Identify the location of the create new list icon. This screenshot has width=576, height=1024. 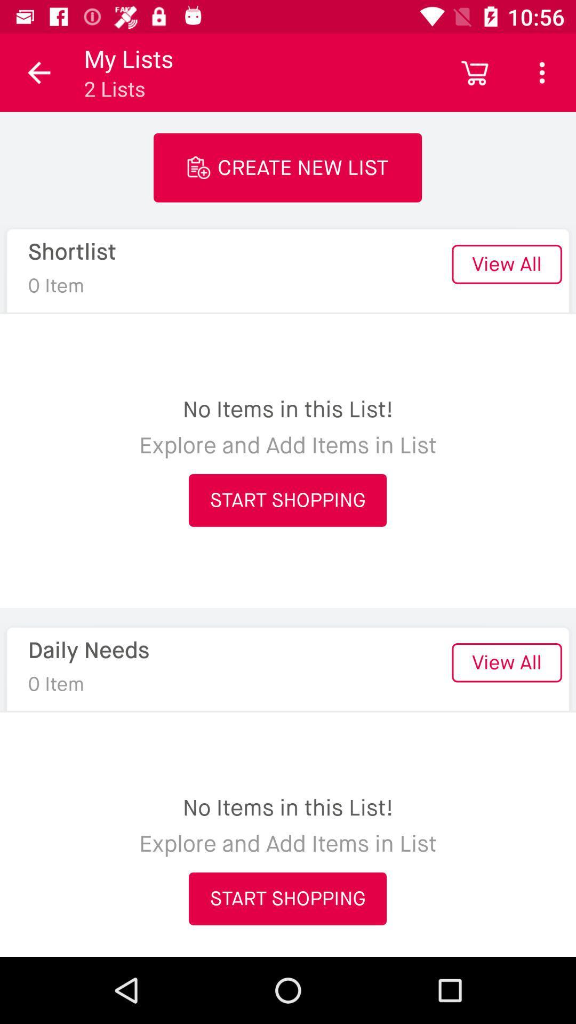
(287, 167).